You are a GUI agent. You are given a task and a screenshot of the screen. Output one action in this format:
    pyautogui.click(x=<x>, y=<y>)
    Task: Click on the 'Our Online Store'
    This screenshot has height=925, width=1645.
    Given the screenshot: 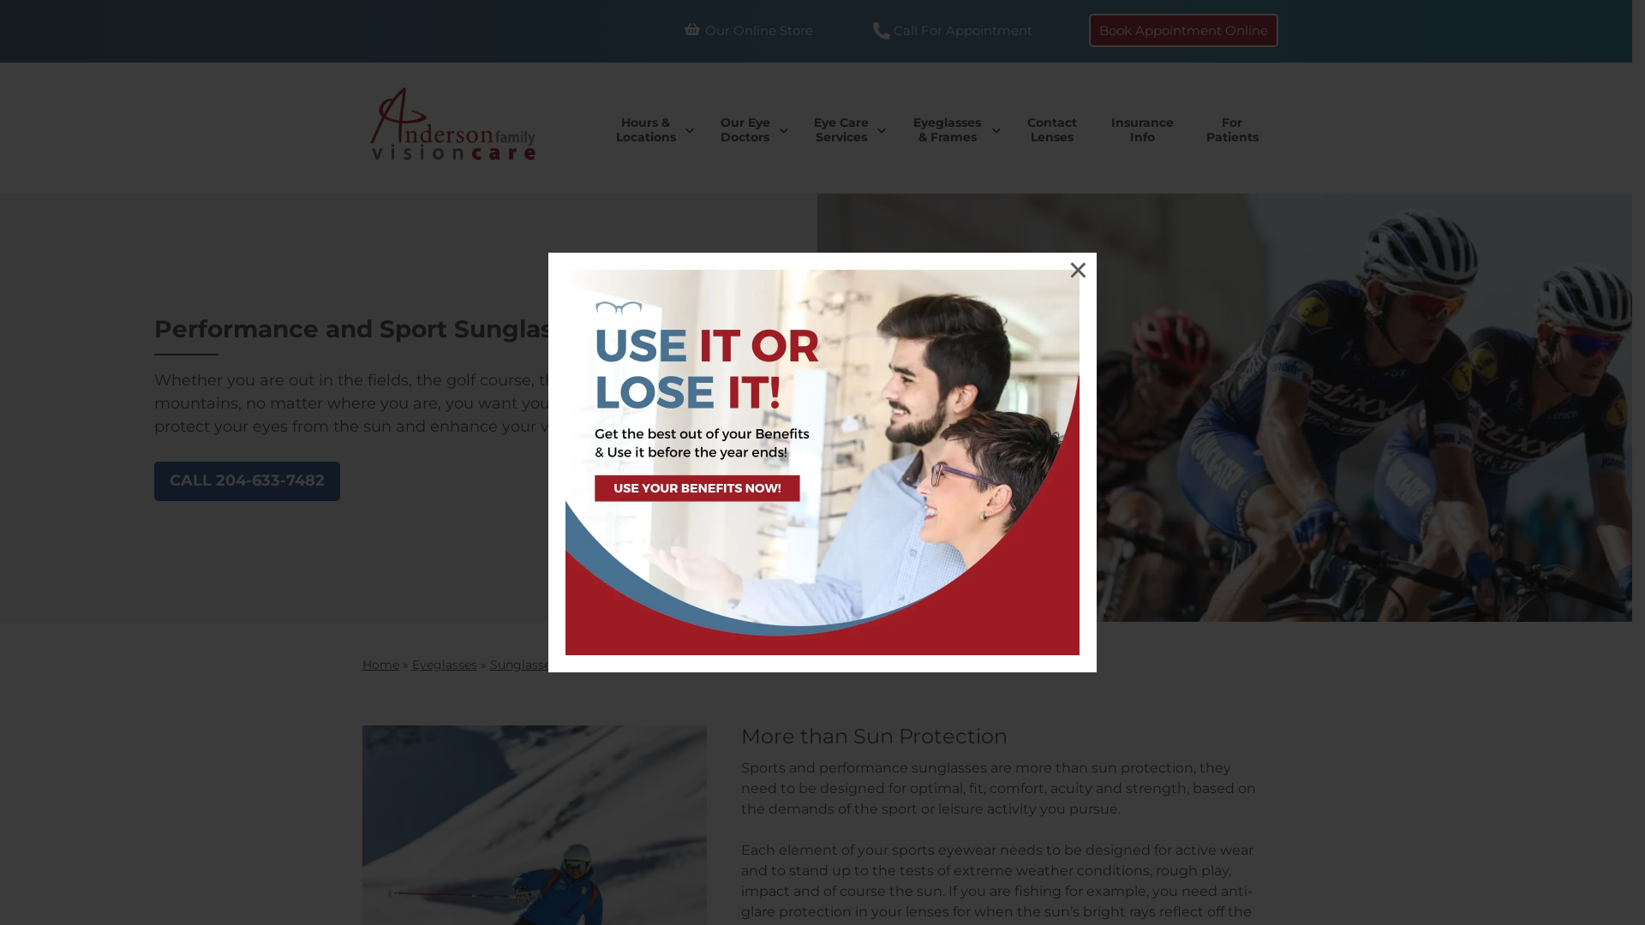 What is the action you would take?
    pyautogui.click(x=749, y=29)
    